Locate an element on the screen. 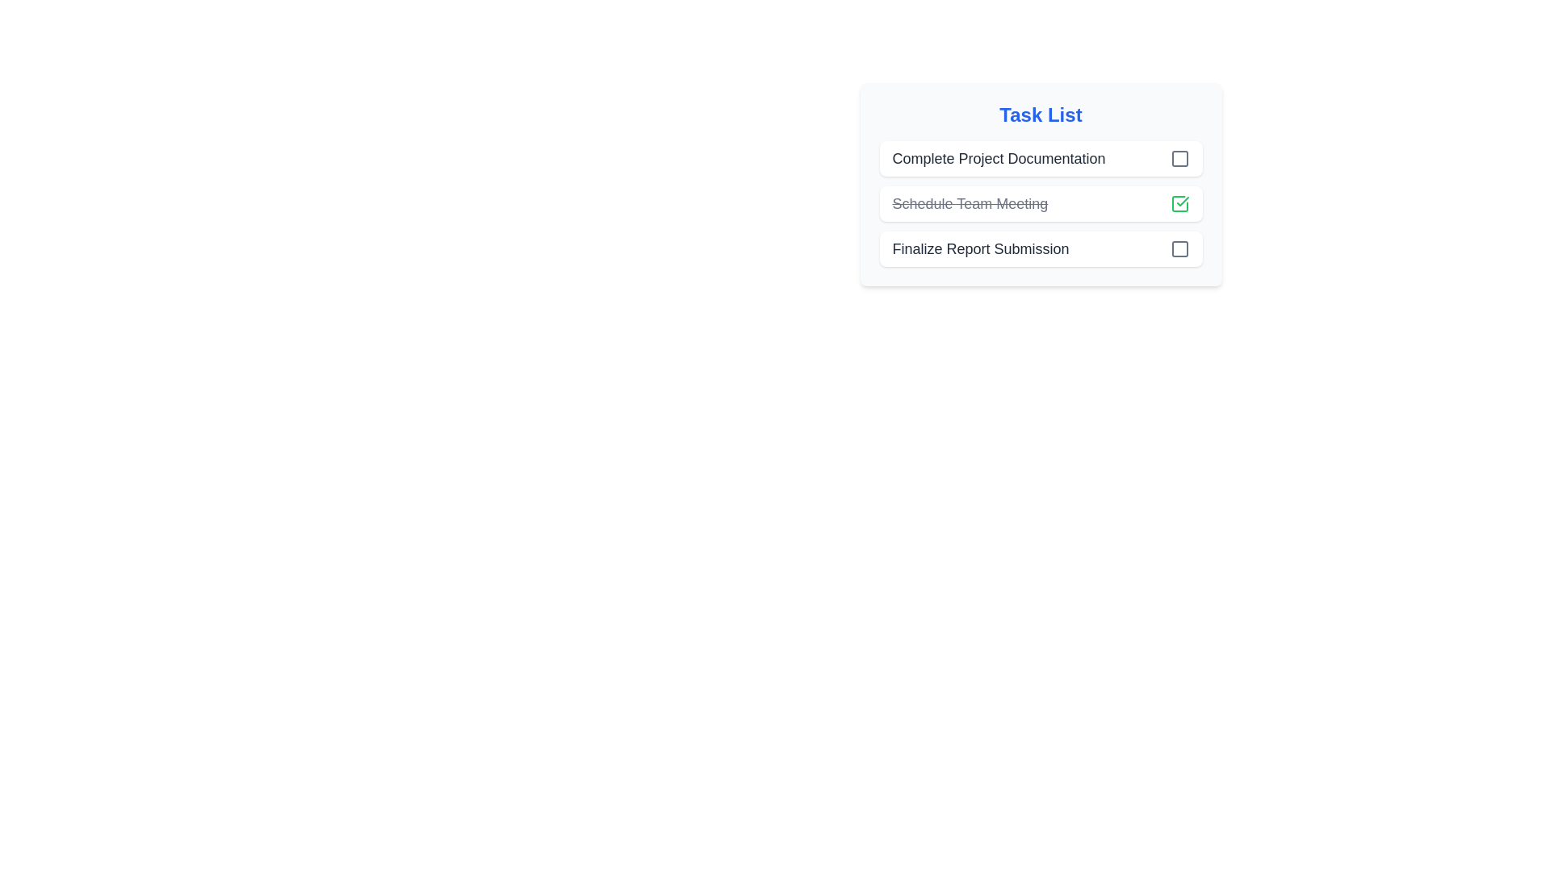 The width and height of the screenshot is (1550, 871). the small square decorative or status-indicating icon component located to the right of the task titled 'Complete Project Documentation' in the vertical task list is located at coordinates (1179, 158).